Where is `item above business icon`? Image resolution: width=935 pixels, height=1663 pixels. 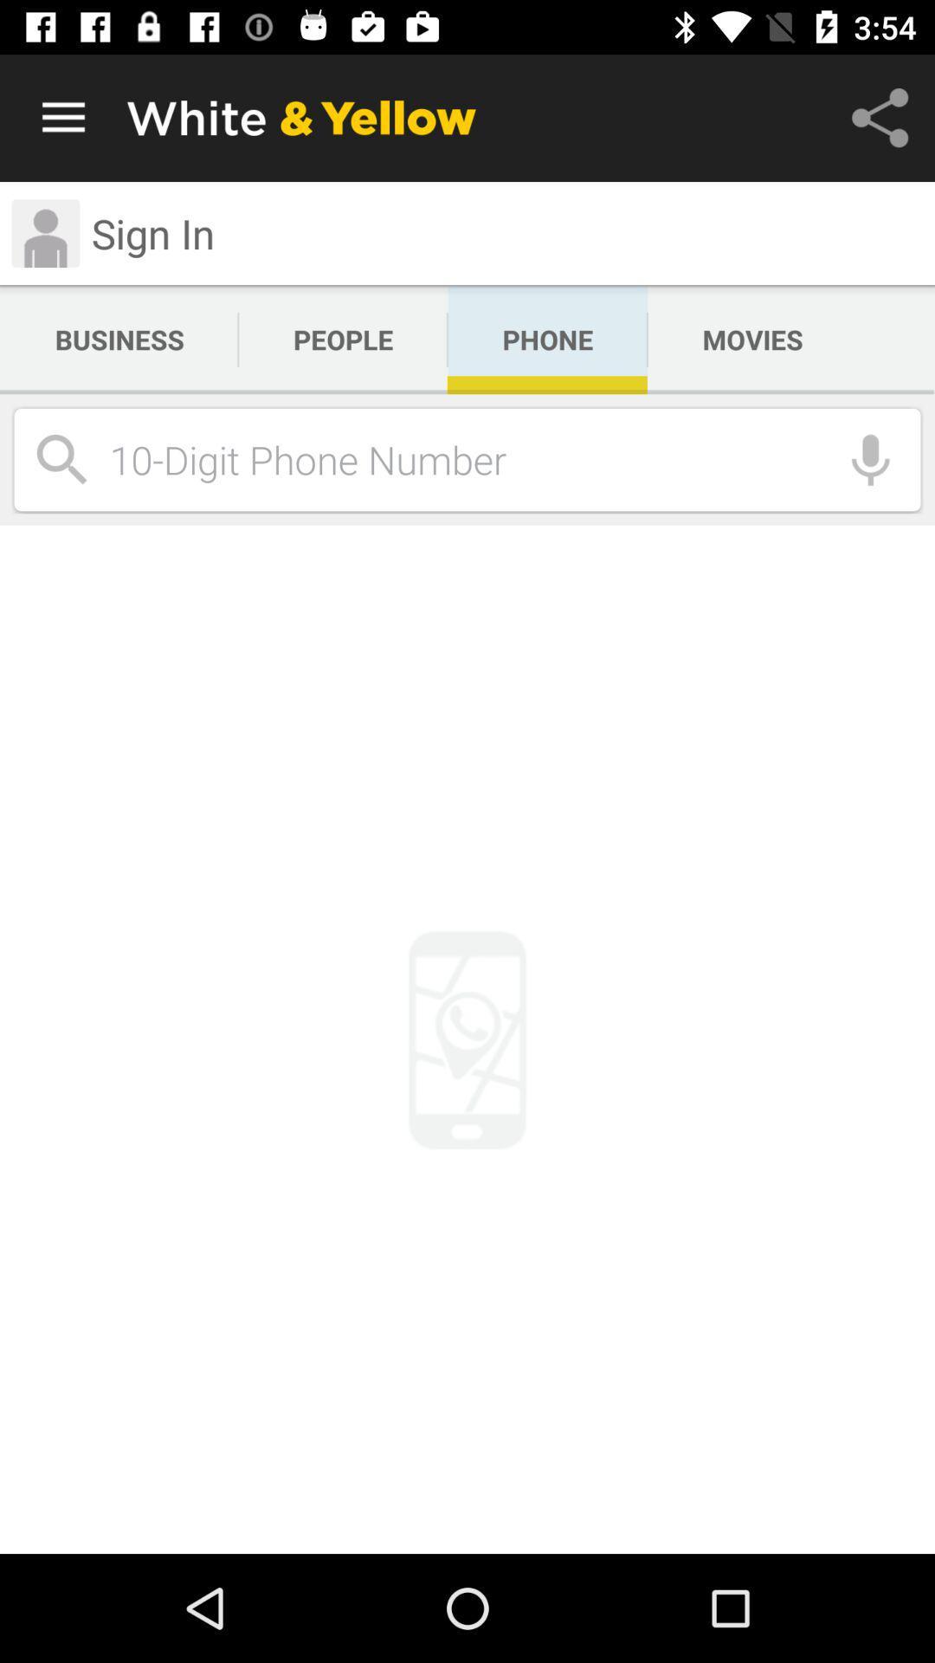
item above business icon is located at coordinates (152, 232).